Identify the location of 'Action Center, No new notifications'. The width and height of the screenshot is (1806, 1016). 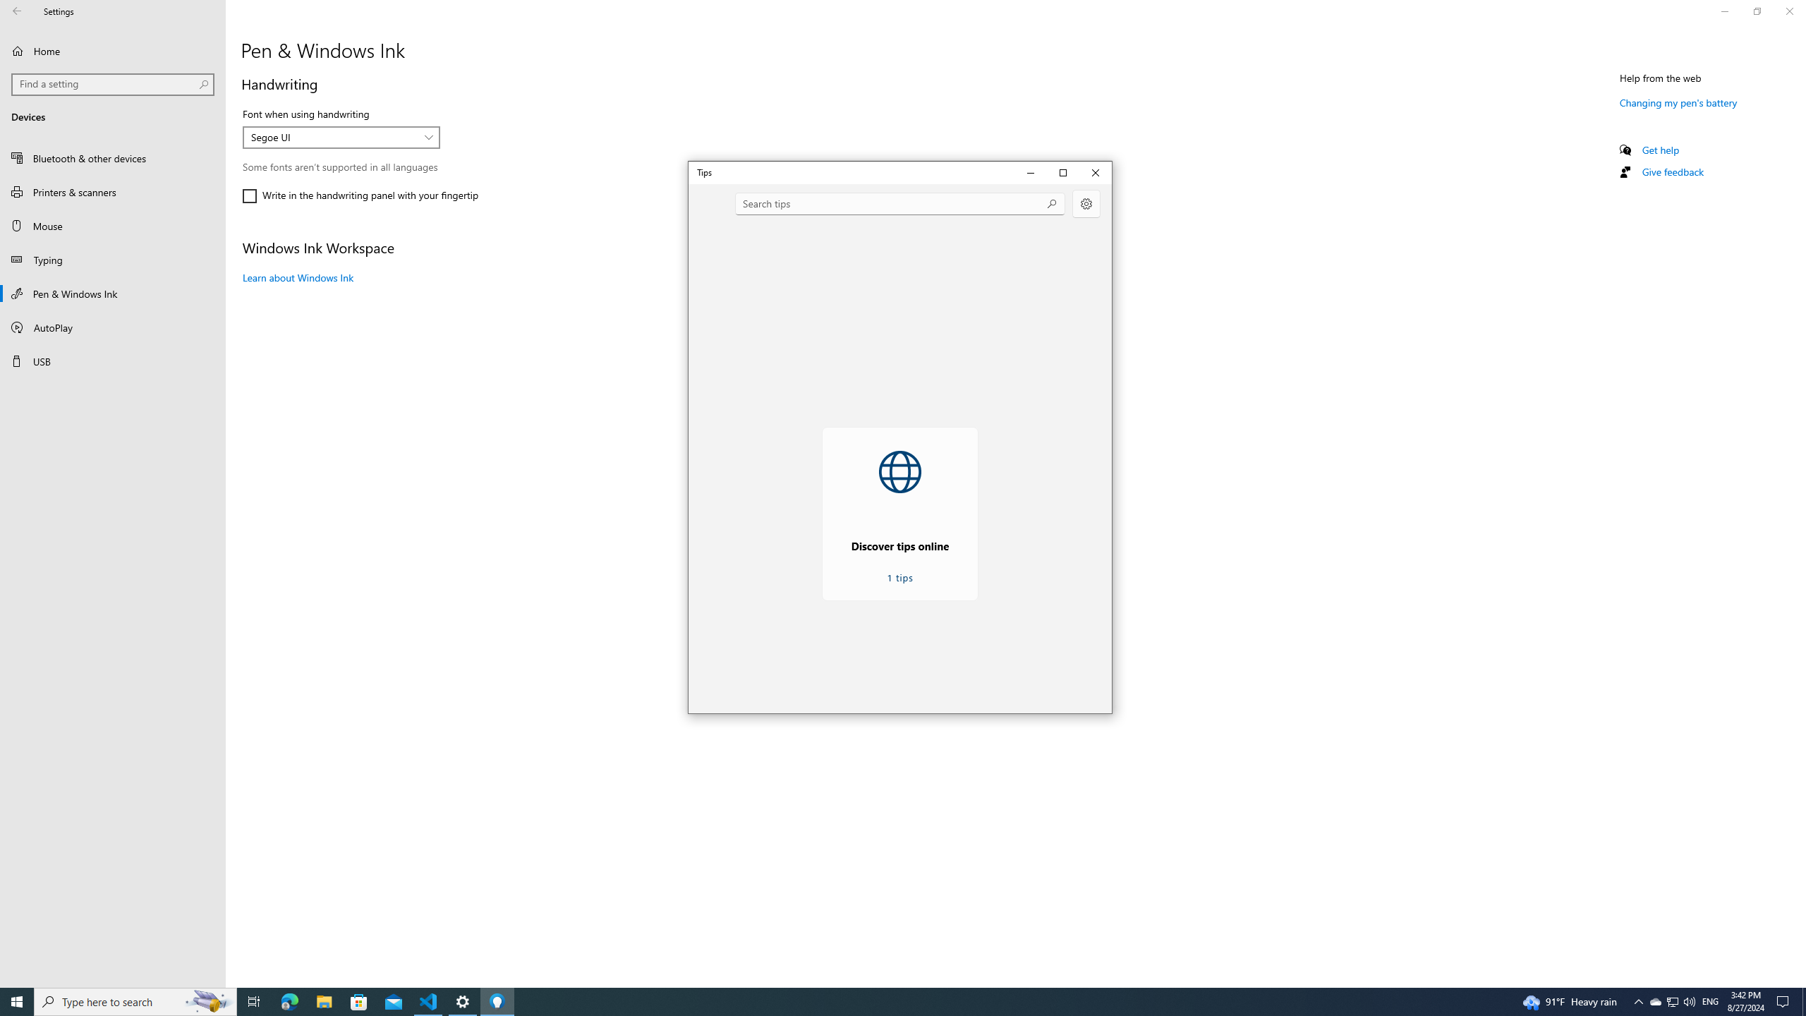
(1785, 1000).